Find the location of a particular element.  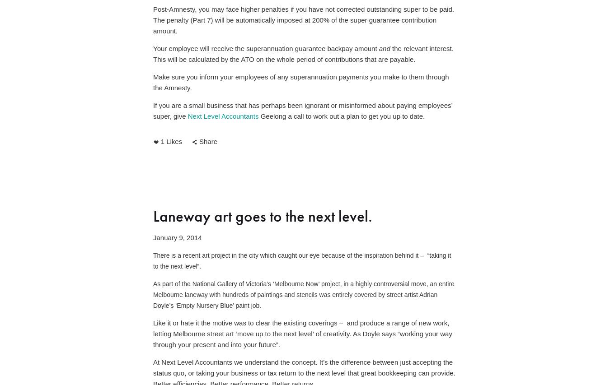

'Post-Amnesty, you may face higher penalties if you have not corrected outstanding super to be paid. The penalty (Part 7) will be automatically imposed at 200% of the super guarantee contribution amount.' is located at coordinates (304, 20).